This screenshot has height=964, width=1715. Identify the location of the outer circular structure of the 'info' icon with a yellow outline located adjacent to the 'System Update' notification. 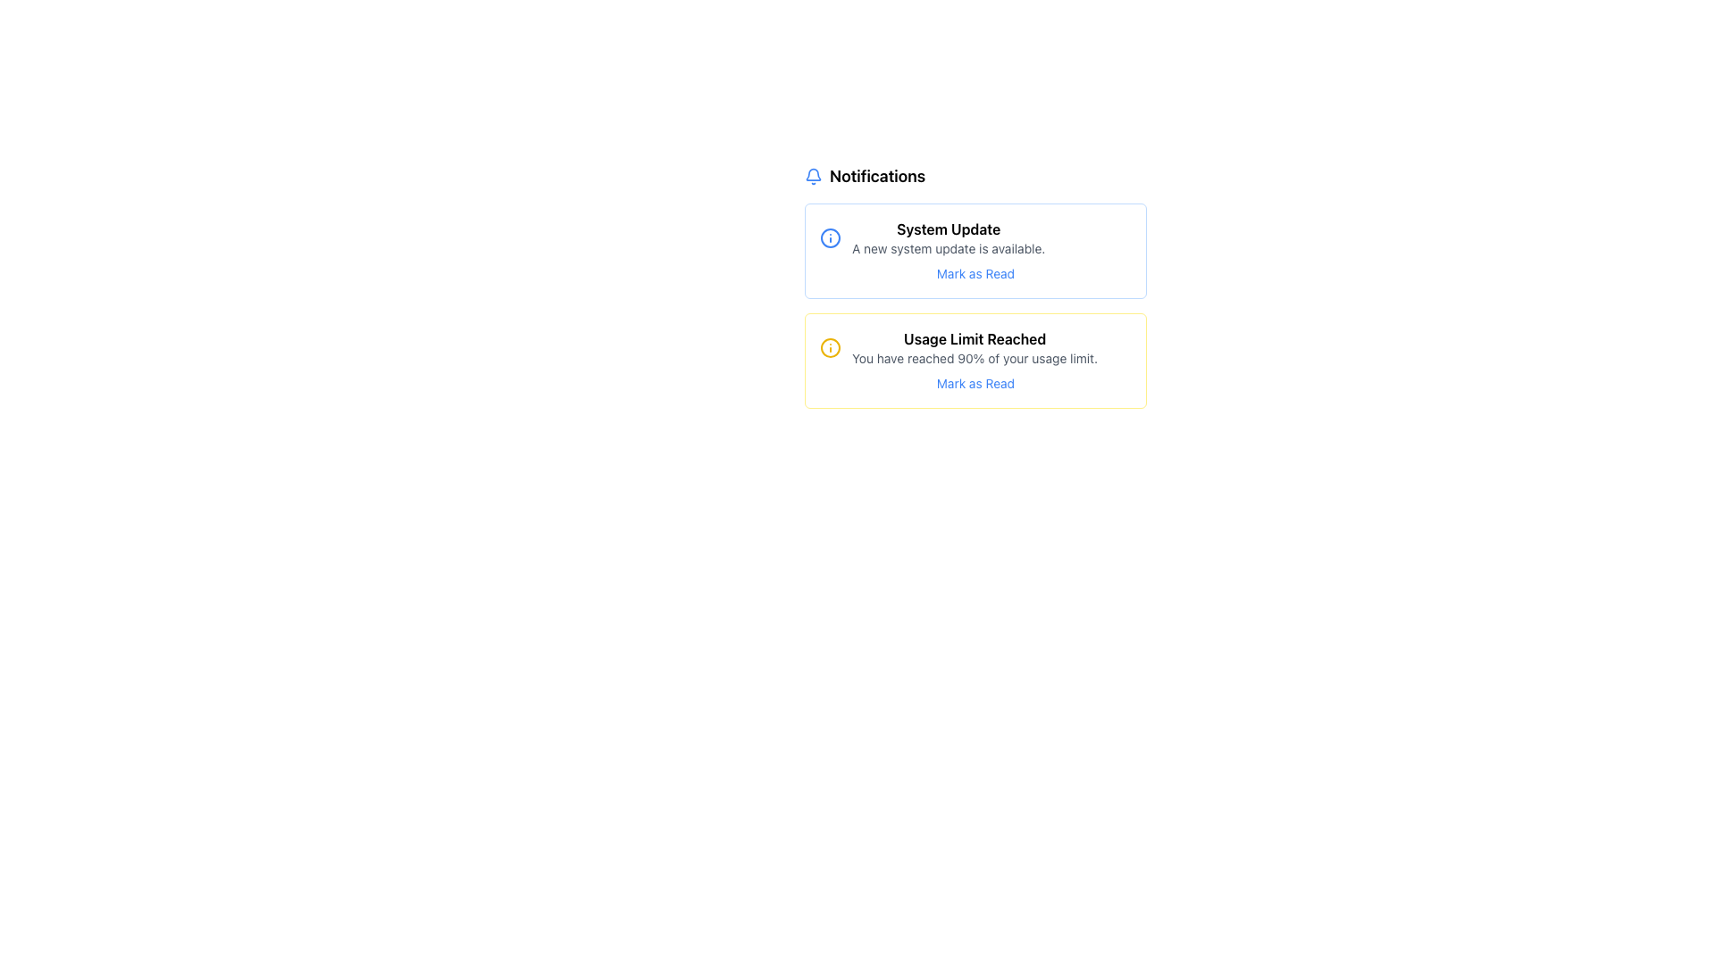
(830, 347).